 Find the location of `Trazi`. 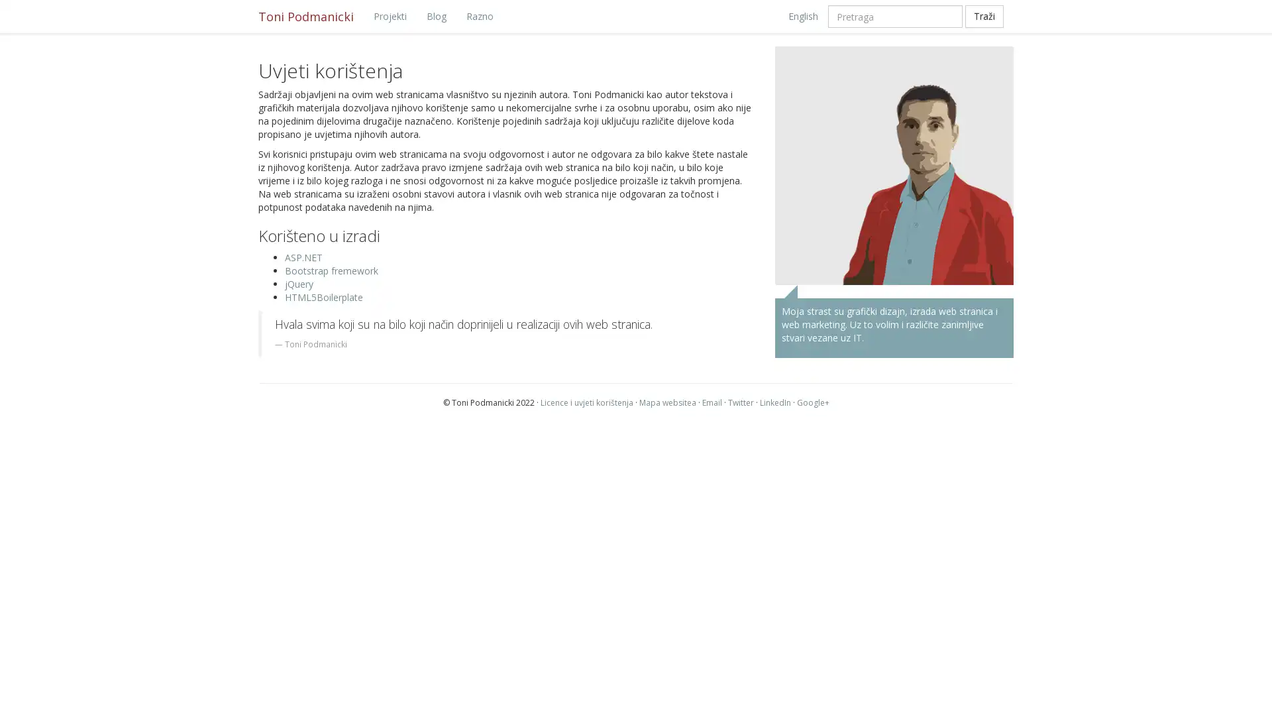

Trazi is located at coordinates (984, 16).